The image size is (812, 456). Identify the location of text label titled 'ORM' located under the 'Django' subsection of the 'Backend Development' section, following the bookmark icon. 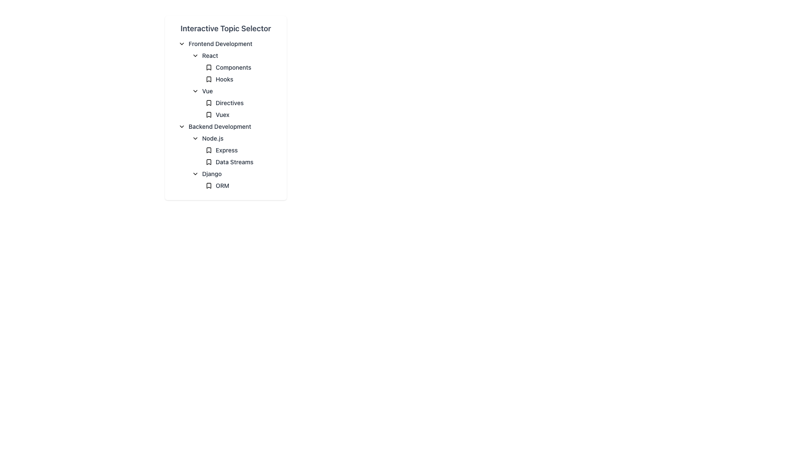
(222, 185).